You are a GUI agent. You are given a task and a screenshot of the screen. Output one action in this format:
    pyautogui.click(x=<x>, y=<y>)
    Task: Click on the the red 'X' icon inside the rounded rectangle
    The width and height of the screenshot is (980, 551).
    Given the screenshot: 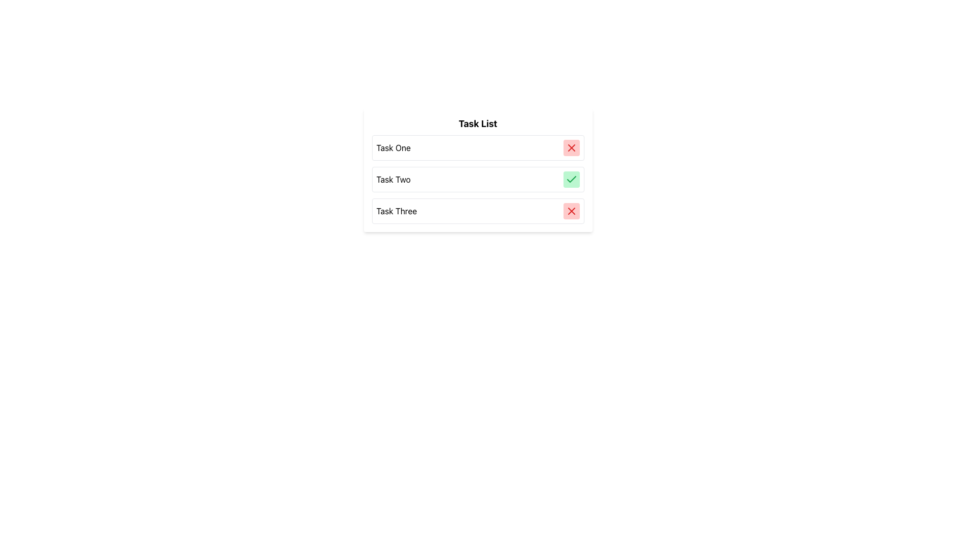 What is the action you would take?
    pyautogui.click(x=571, y=210)
    